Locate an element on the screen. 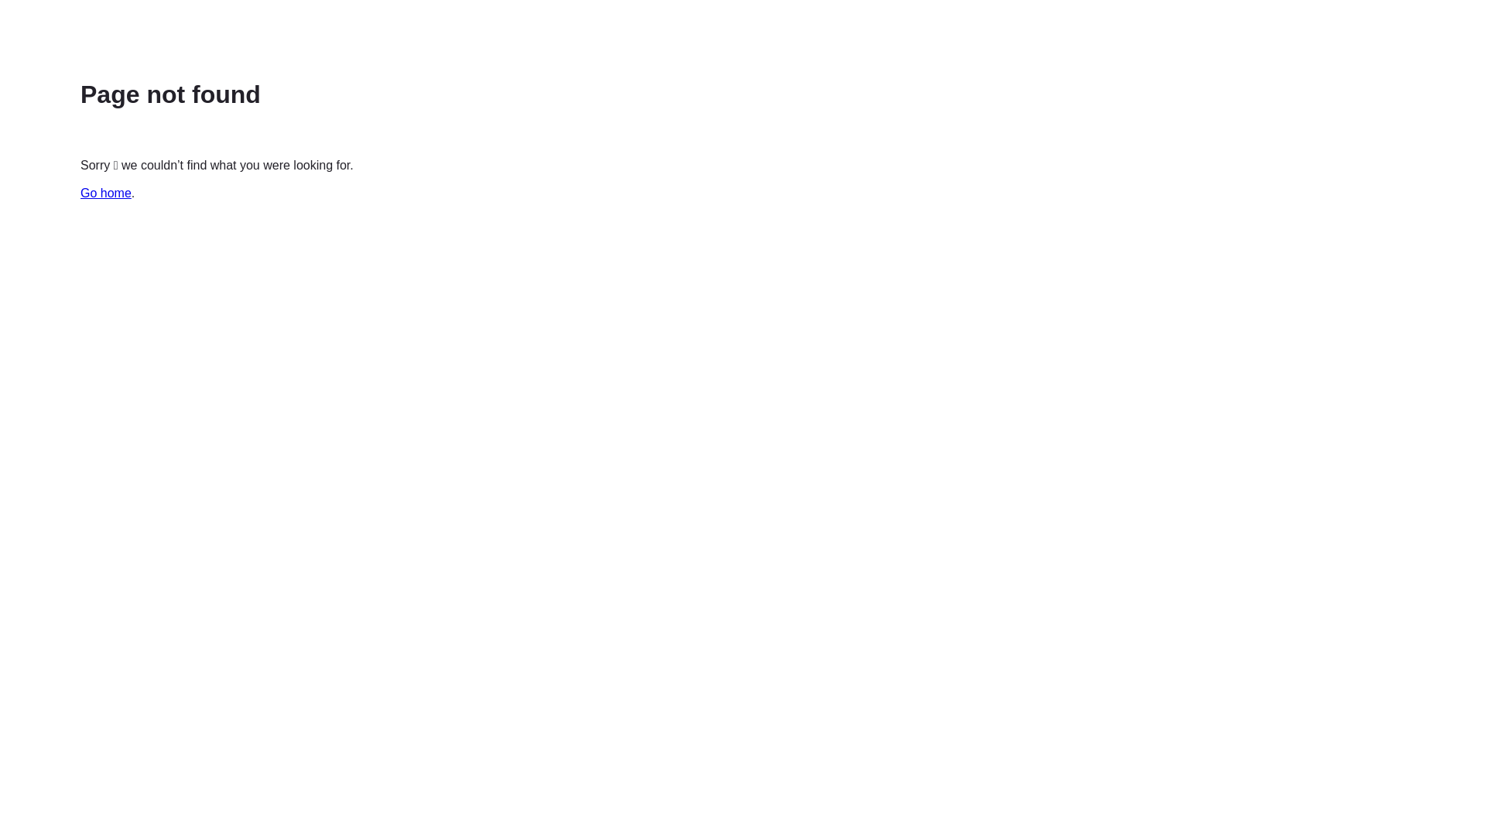 Image resolution: width=1486 pixels, height=836 pixels. 'Go home' is located at coordinates (80, 192).